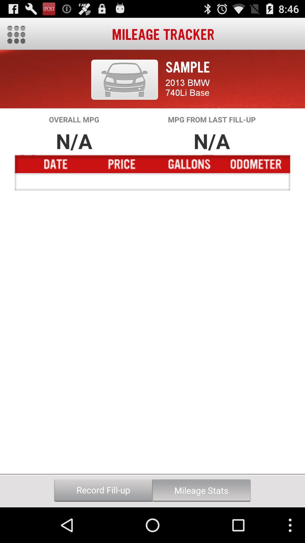 This screenshot has height=543, width=305. Describe the element at coordinates (201, 490) in the screenshot. I see `button next to record fill-up` at that location.